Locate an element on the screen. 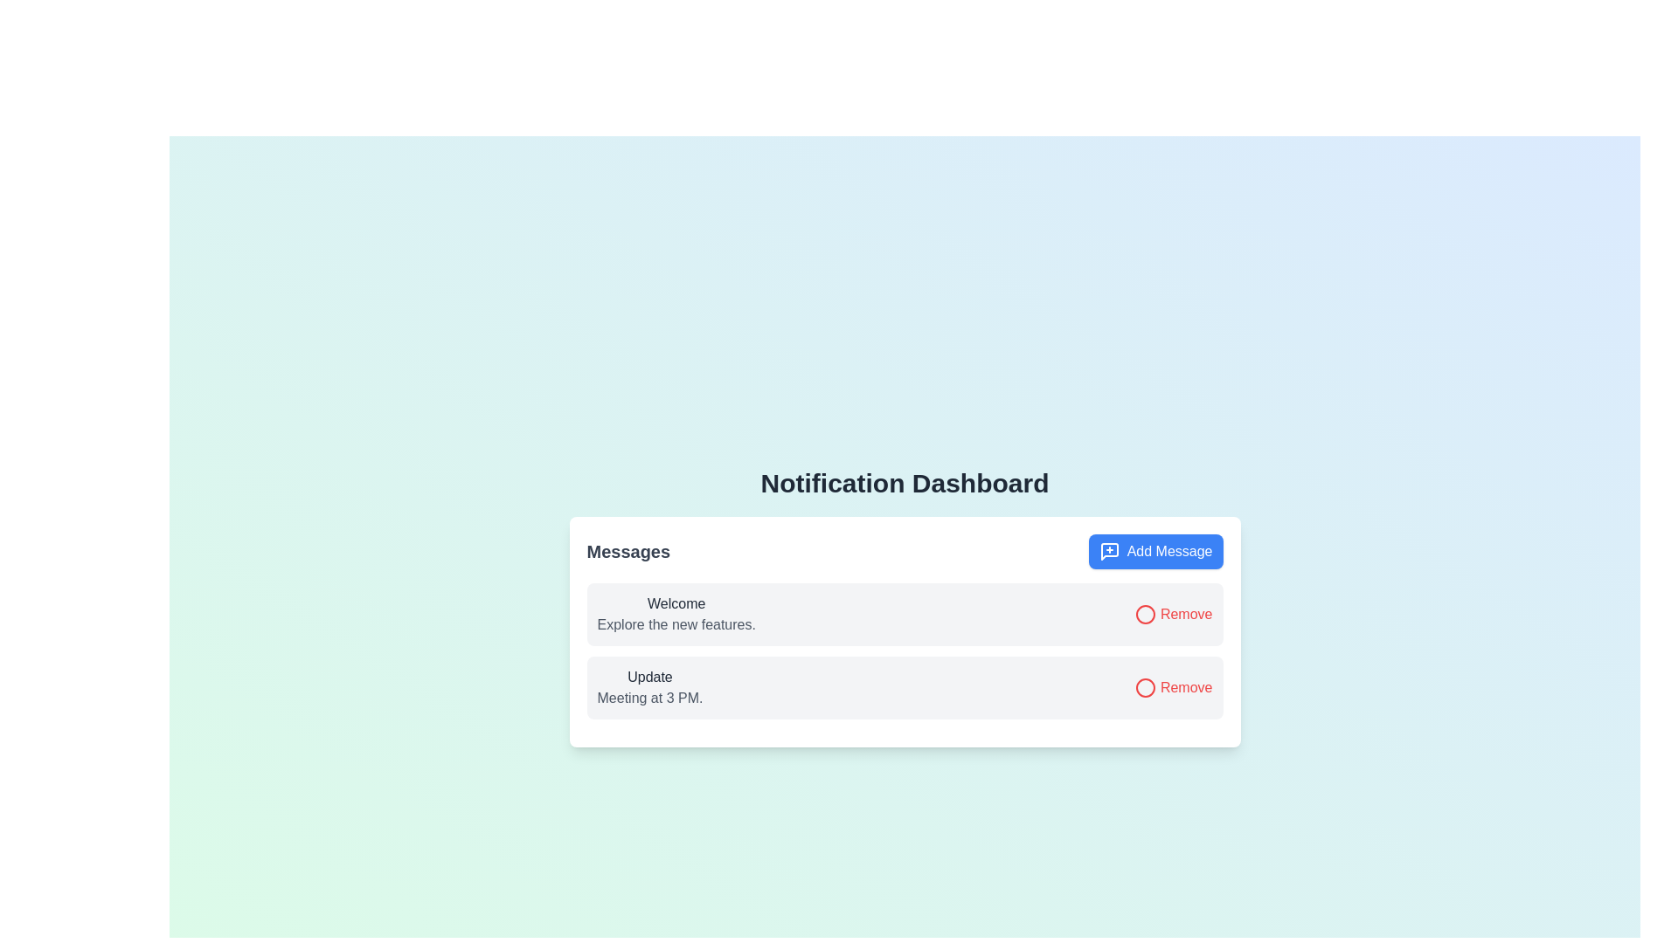 The image size is (1678, 943). the decorative icon within the 'Add Message' button at the top-right corner of the 'Messages' section is located at coordinates (1108, 552).